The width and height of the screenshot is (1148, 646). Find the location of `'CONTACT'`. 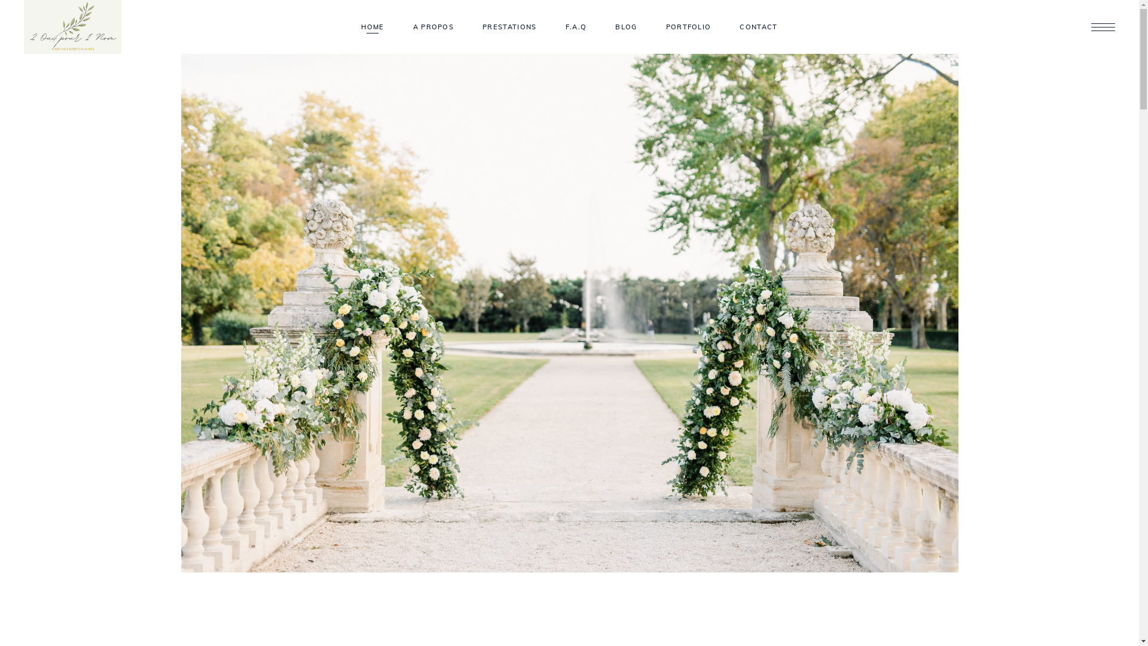

'CONTACT' is located at coordinates (758, 27).